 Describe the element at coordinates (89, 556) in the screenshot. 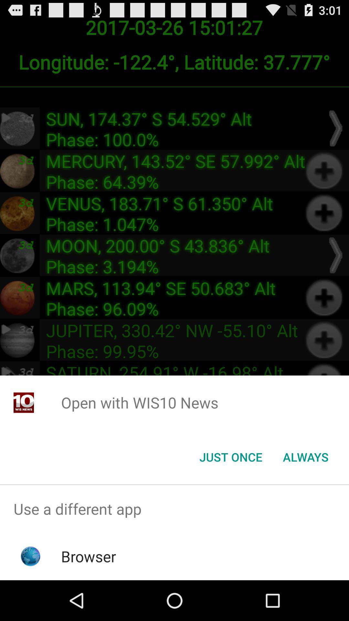

I see `browser app` at that location.